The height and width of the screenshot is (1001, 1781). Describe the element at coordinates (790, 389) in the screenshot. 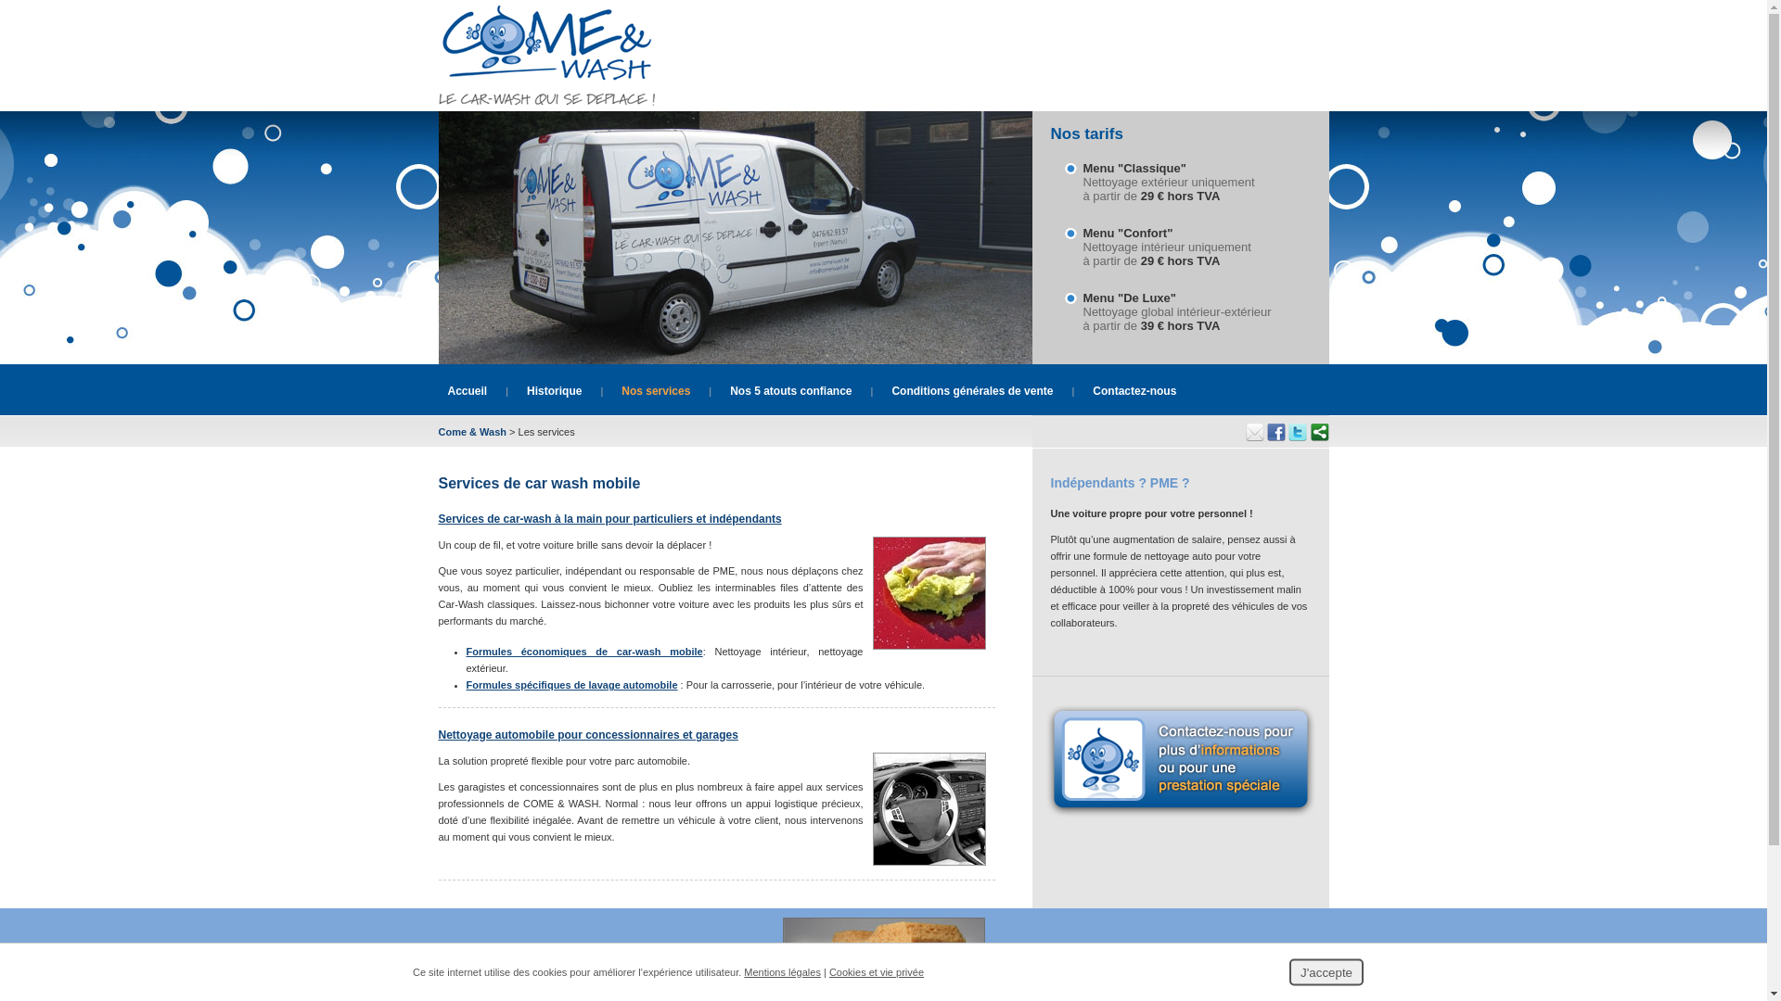

I see `'Nos 5 atouts confiance'` at that location.